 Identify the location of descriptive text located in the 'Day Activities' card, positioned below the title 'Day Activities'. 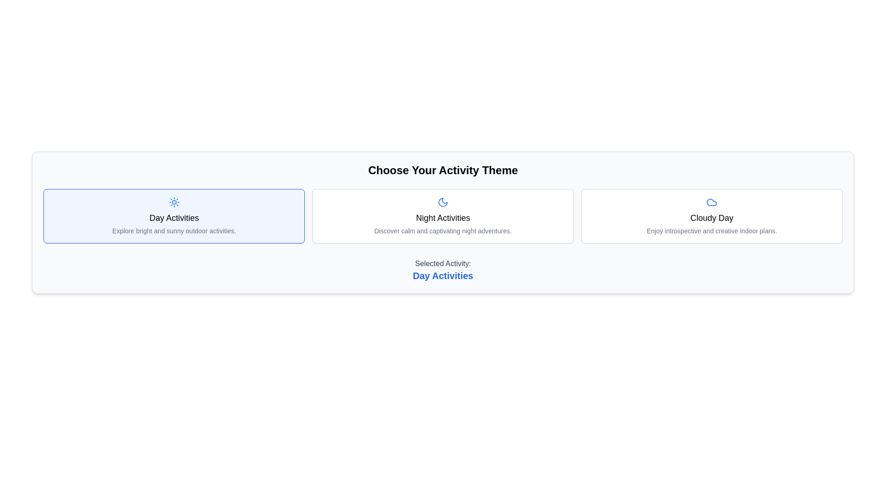
(174, 231).